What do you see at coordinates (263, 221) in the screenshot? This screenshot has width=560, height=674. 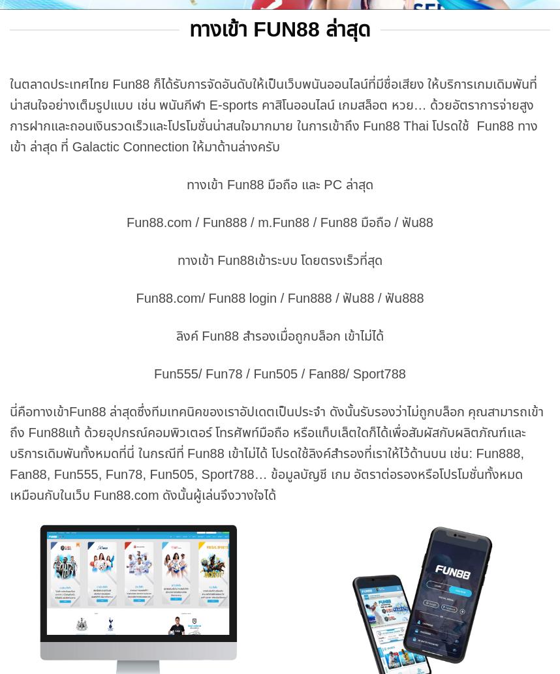 I see `'Fun88.com / Fun888 / m.Fun88 / Fun88 มือถือ /'` at bounding box center [263, 221].